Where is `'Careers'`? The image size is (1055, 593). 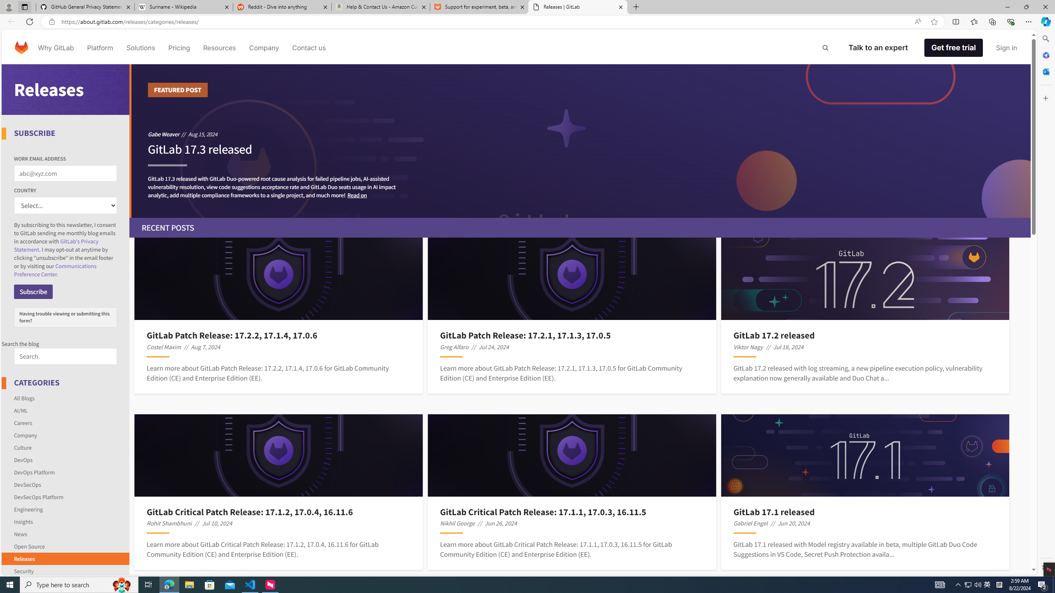 'Careers' is located at coordinates (66, 423).